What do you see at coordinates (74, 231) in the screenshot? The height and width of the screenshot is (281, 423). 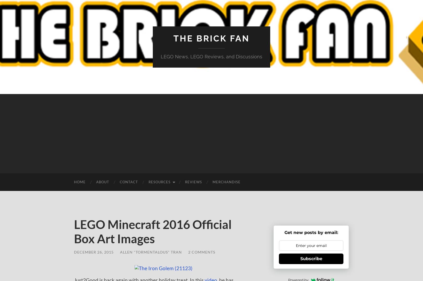 I see `'LEGO Minecraft 2016 Official Box Art Images'` at bounding box center [74, 231].